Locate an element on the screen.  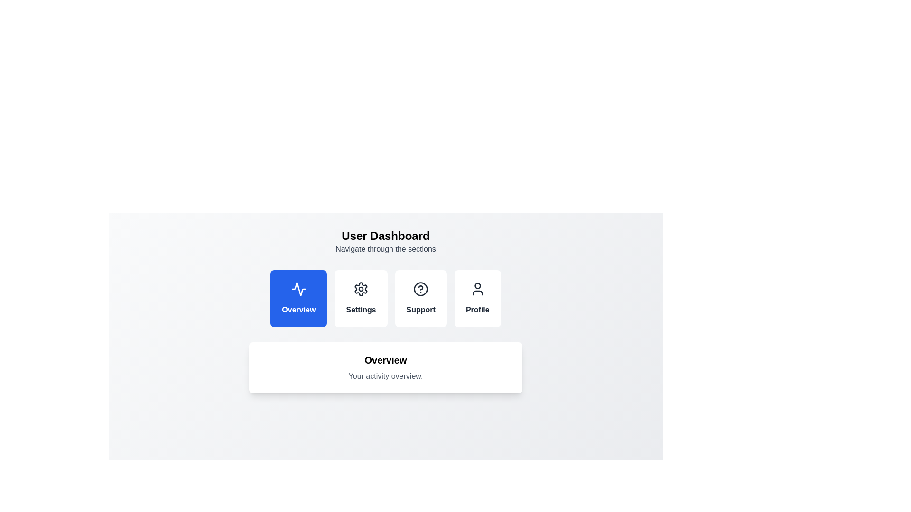
the non-interactive informational Text Card located in the lower half of the User Dashboard, positioned below the navigational cards labeled 'Overview', 'Settings', 'Support', and 'Profile' is located at coordinates (385, 367).